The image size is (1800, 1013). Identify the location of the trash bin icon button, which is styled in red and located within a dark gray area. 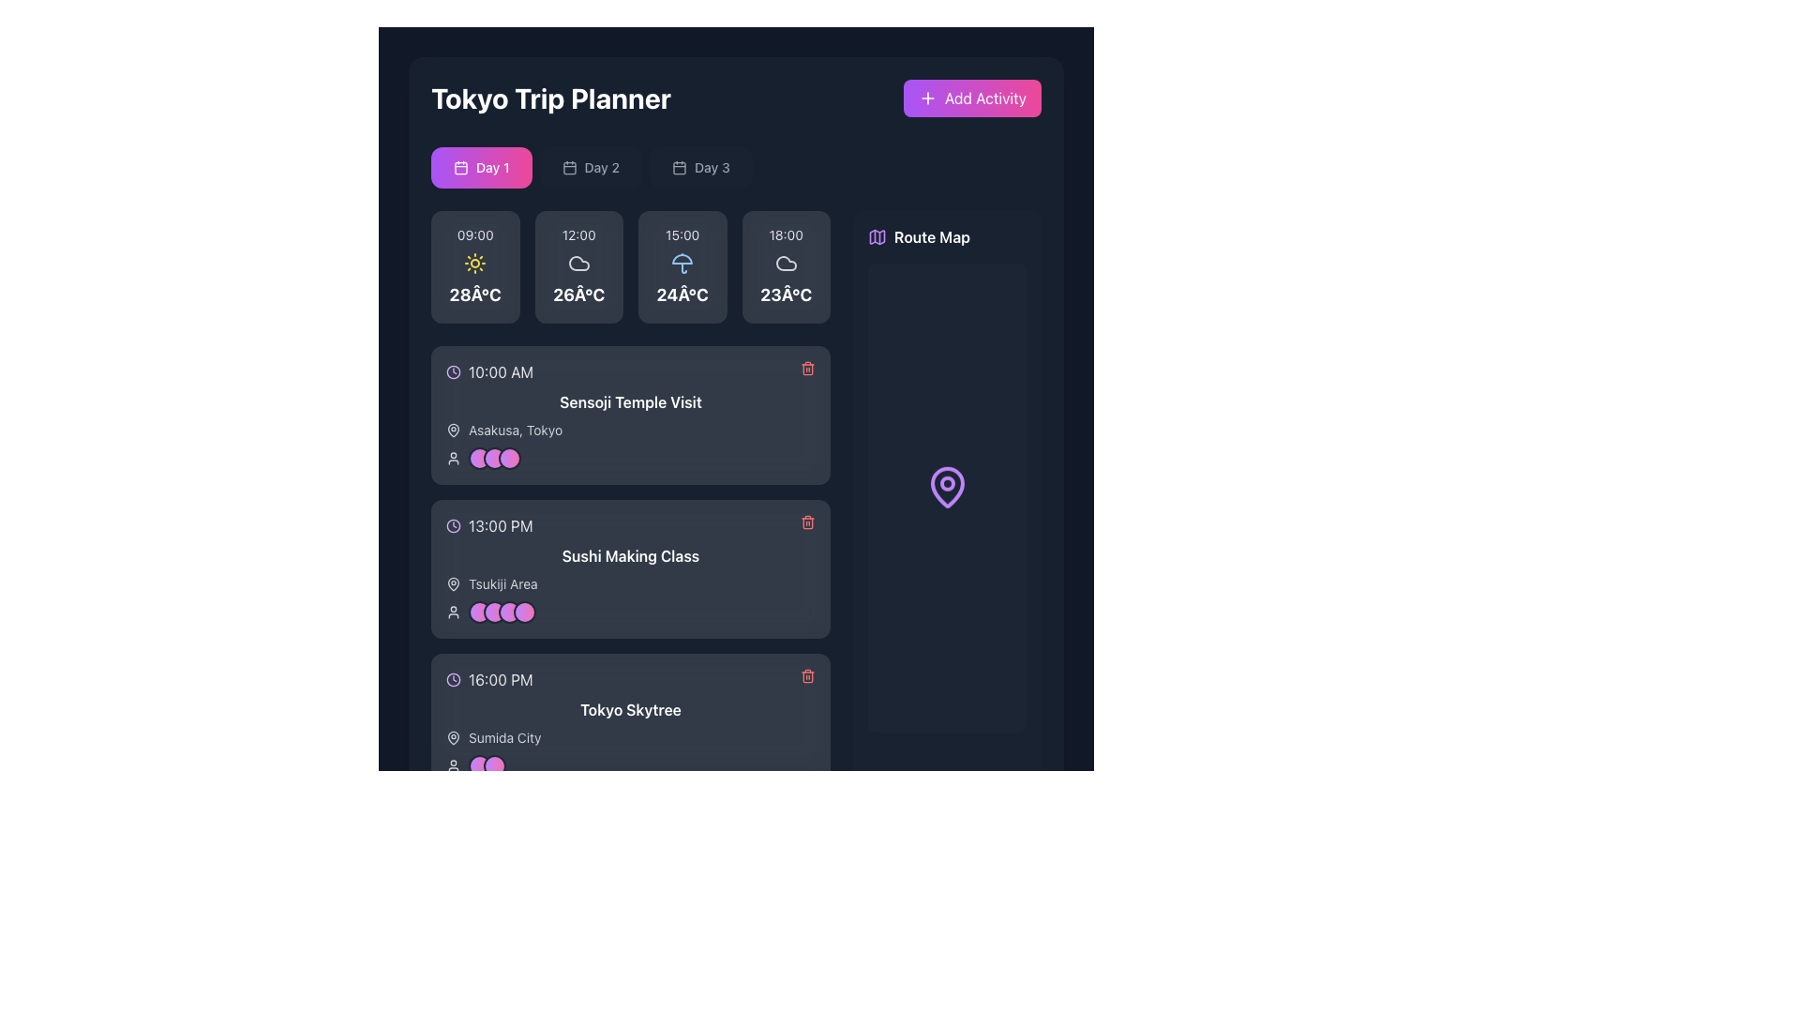
(808, 676).